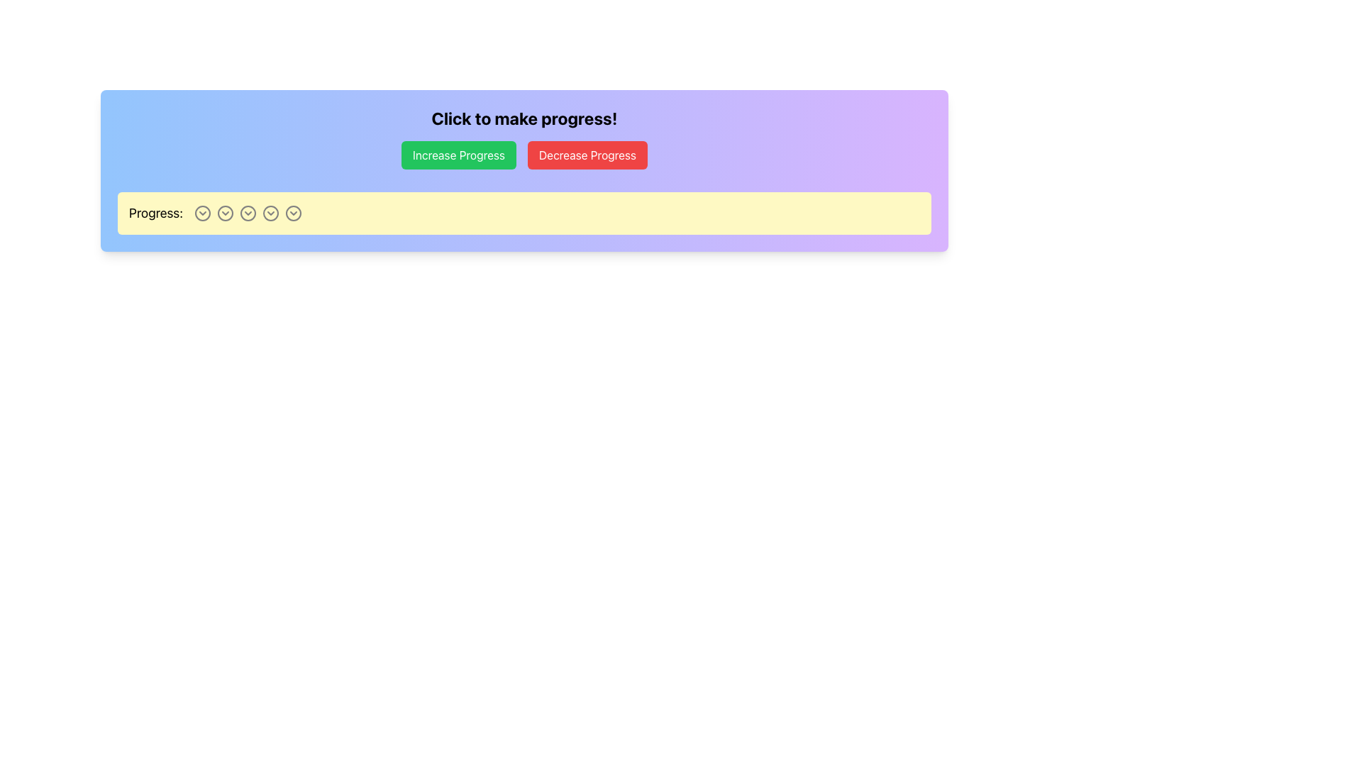 The width and height of the screenshot is (1362, 766). What do you see at coordinates (587, 155) in the screenshot?
I see `the button that decreases progress, located to the right of the 'Increase Progress' button, to trigger a visual effect` at bounding box center [587, 155].